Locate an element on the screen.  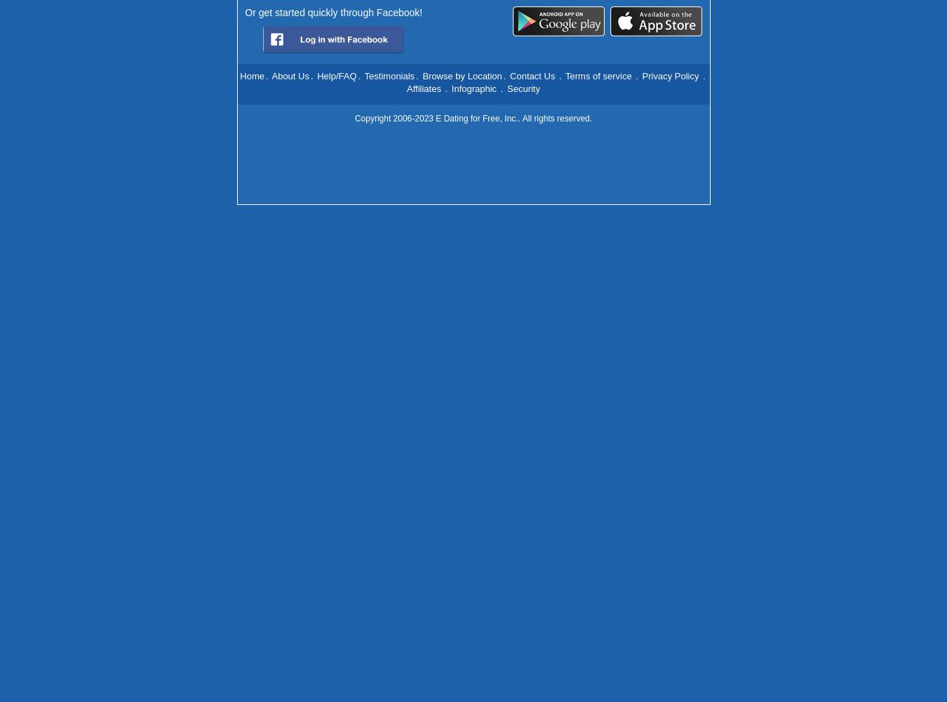
'Contact Us' is located at coordinates (531, 74).